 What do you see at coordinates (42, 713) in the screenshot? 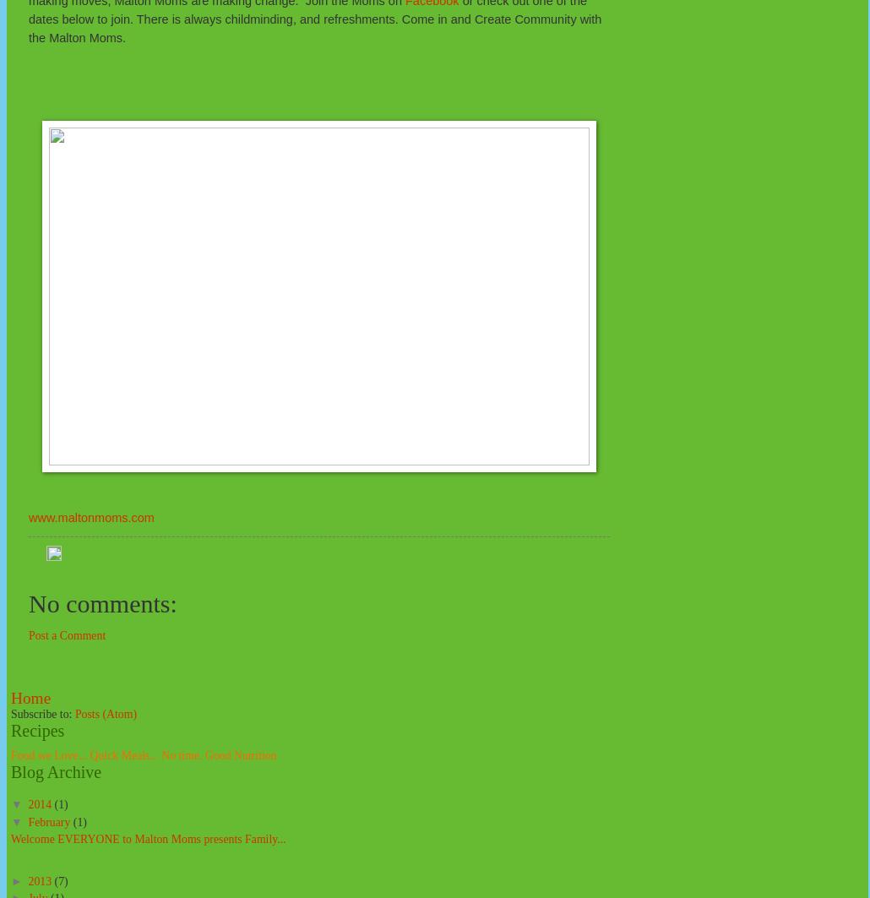
I see `'Subscribe to:'` at bounding box center [42, 713].